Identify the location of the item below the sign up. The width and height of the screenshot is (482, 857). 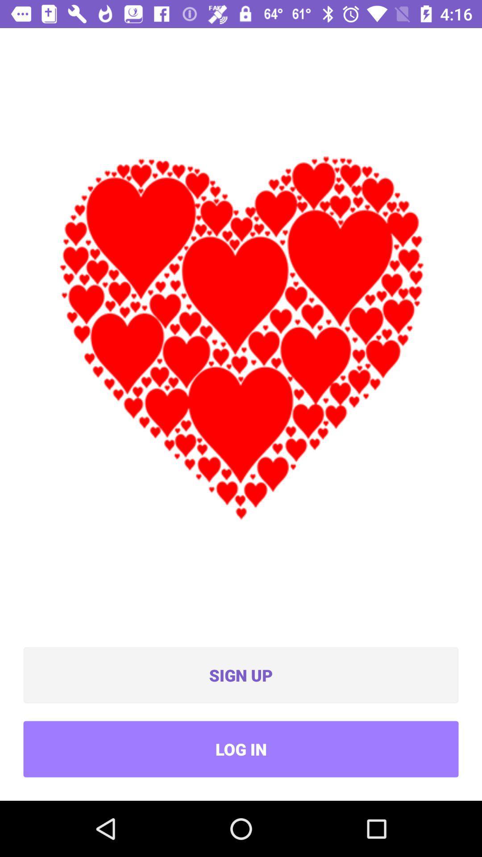
(241, 749).